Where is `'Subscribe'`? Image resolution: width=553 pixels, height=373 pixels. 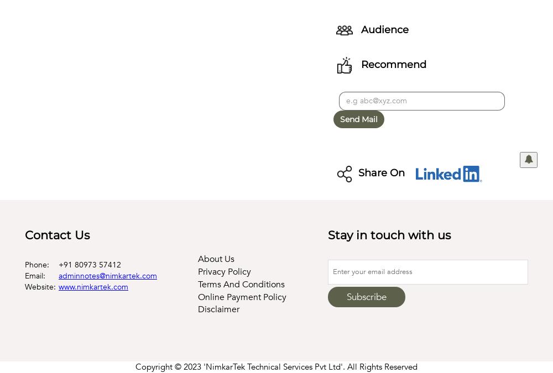
'Subscribe' is located at coordinates (367, 296).